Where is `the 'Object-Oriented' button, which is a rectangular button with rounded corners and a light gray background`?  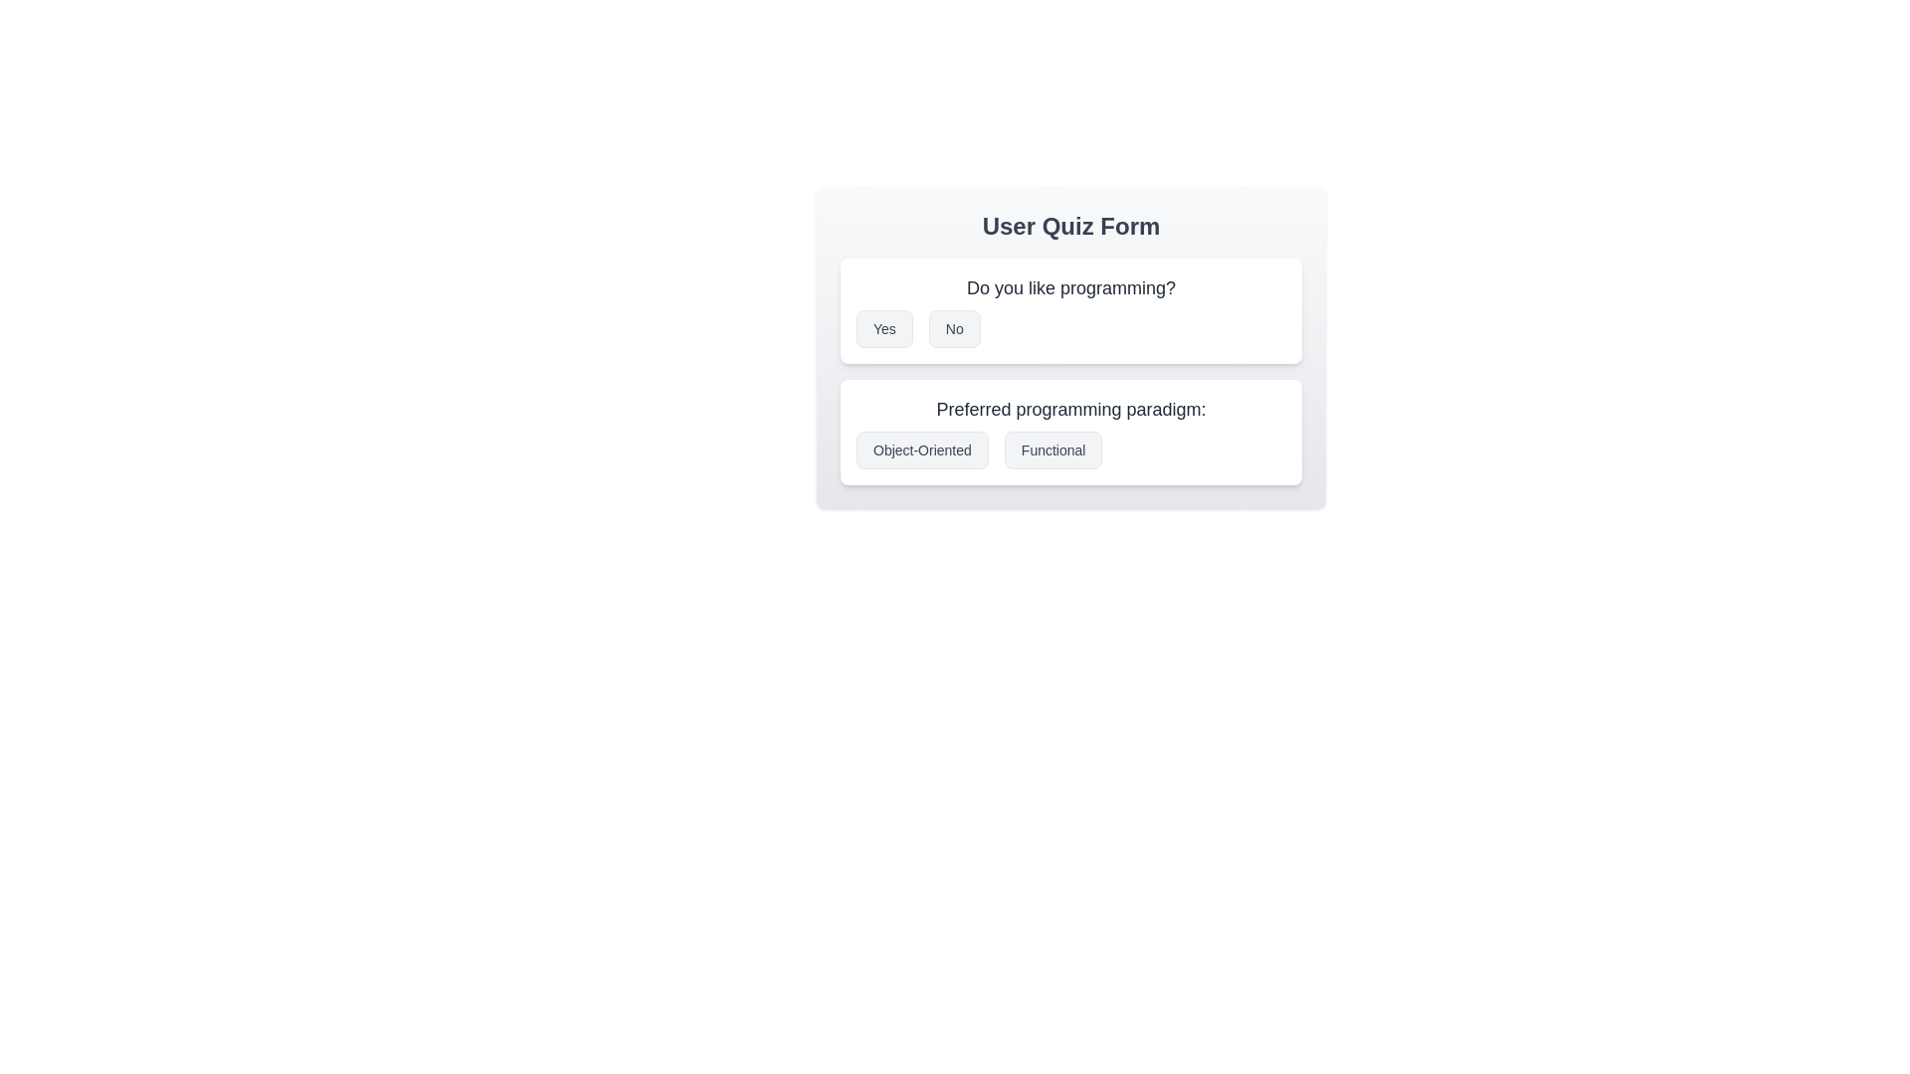
the 'Object-Oriented' button, which is a rectangular button with rounded corners and a light gray background is located at coordinates (921, 449).